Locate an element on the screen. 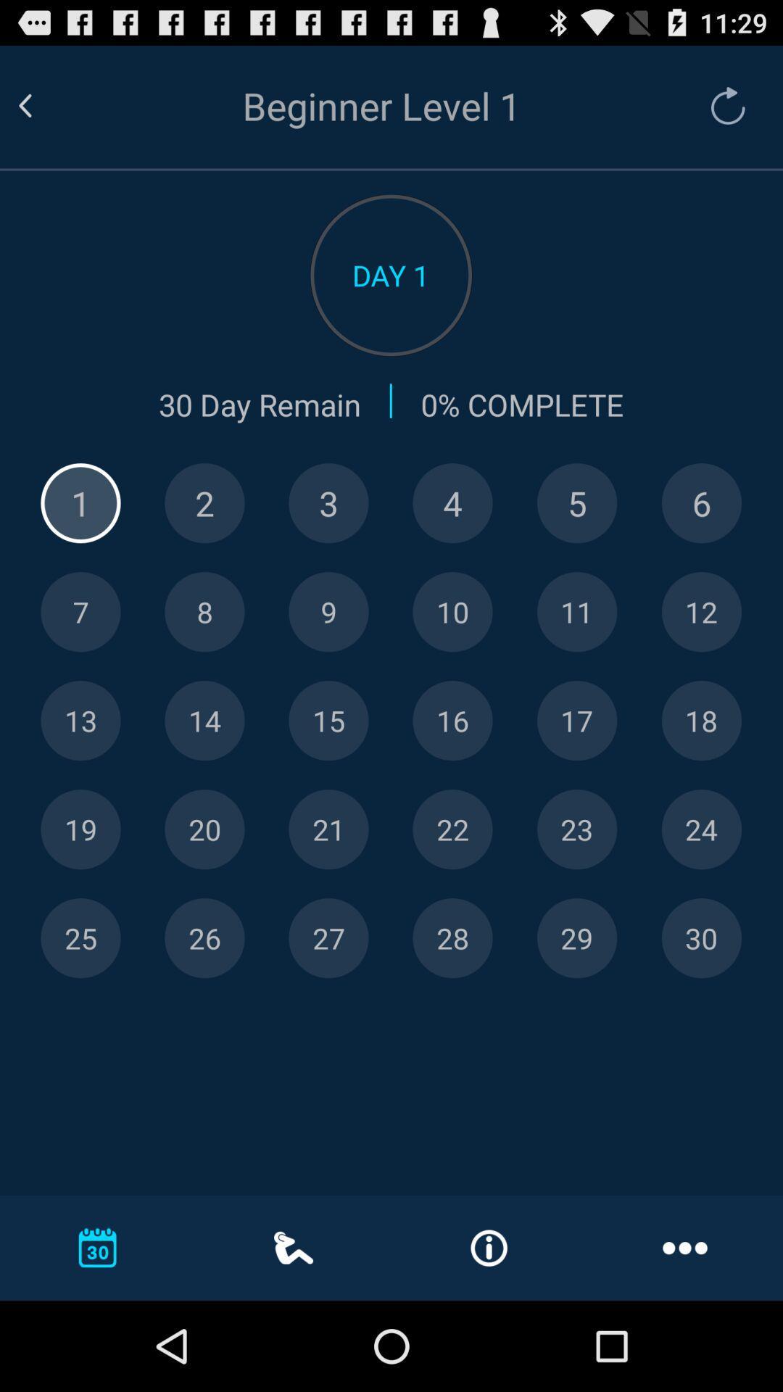  let you look at that specific day is located at coordinates (80, 721).